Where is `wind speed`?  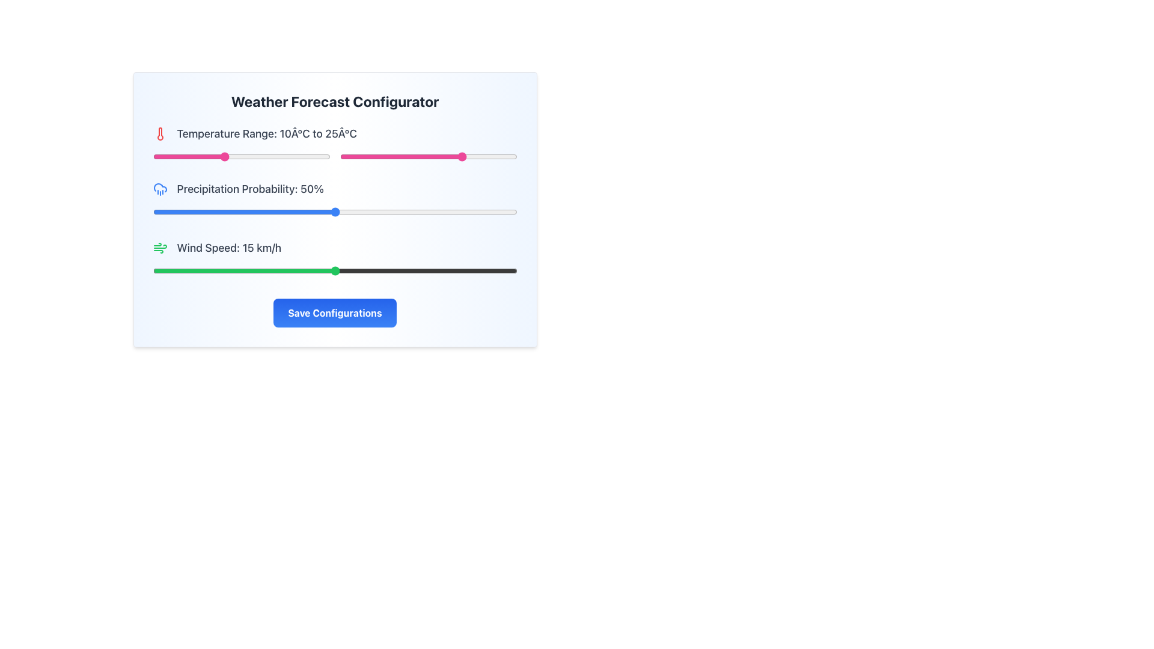
wind speed is located at coordinates (383, 271).